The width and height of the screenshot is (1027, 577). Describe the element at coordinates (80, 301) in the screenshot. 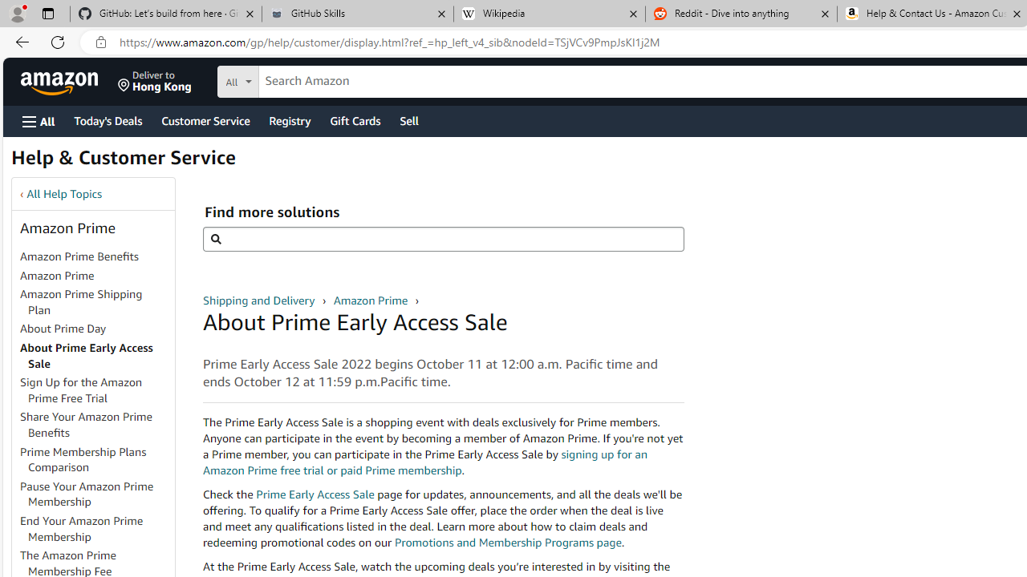

I see `'Amazon Prime Shipping Plan'` at that location.